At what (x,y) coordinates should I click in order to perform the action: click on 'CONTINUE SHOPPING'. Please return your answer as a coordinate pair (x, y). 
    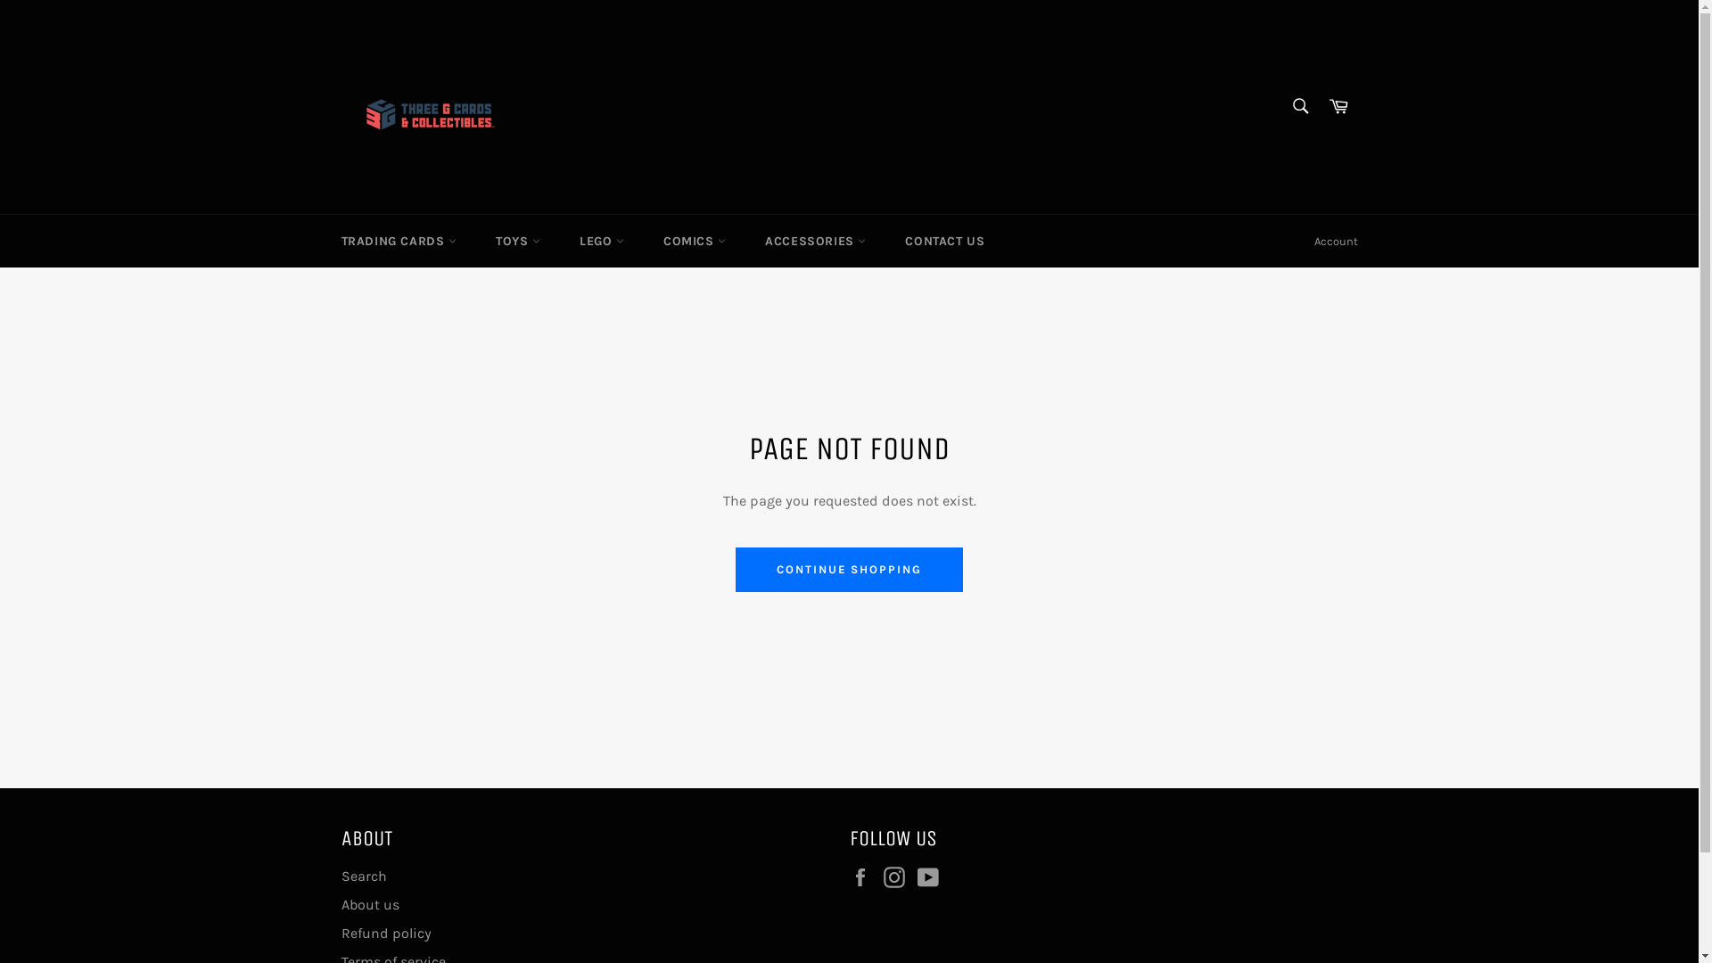
    Looking at the image, I should click on (848, 570).